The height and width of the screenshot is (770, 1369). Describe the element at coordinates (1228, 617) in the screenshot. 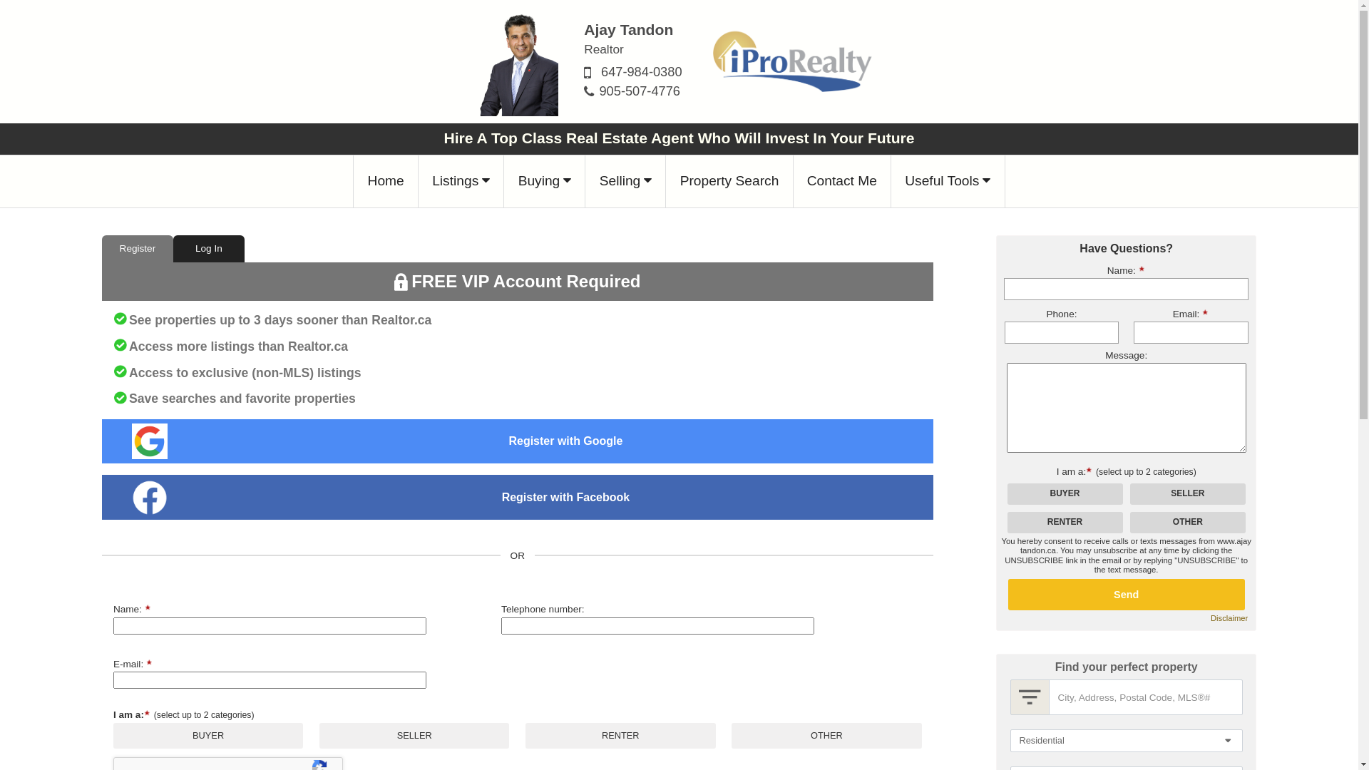

I see `'Disclaimer'` at that location.